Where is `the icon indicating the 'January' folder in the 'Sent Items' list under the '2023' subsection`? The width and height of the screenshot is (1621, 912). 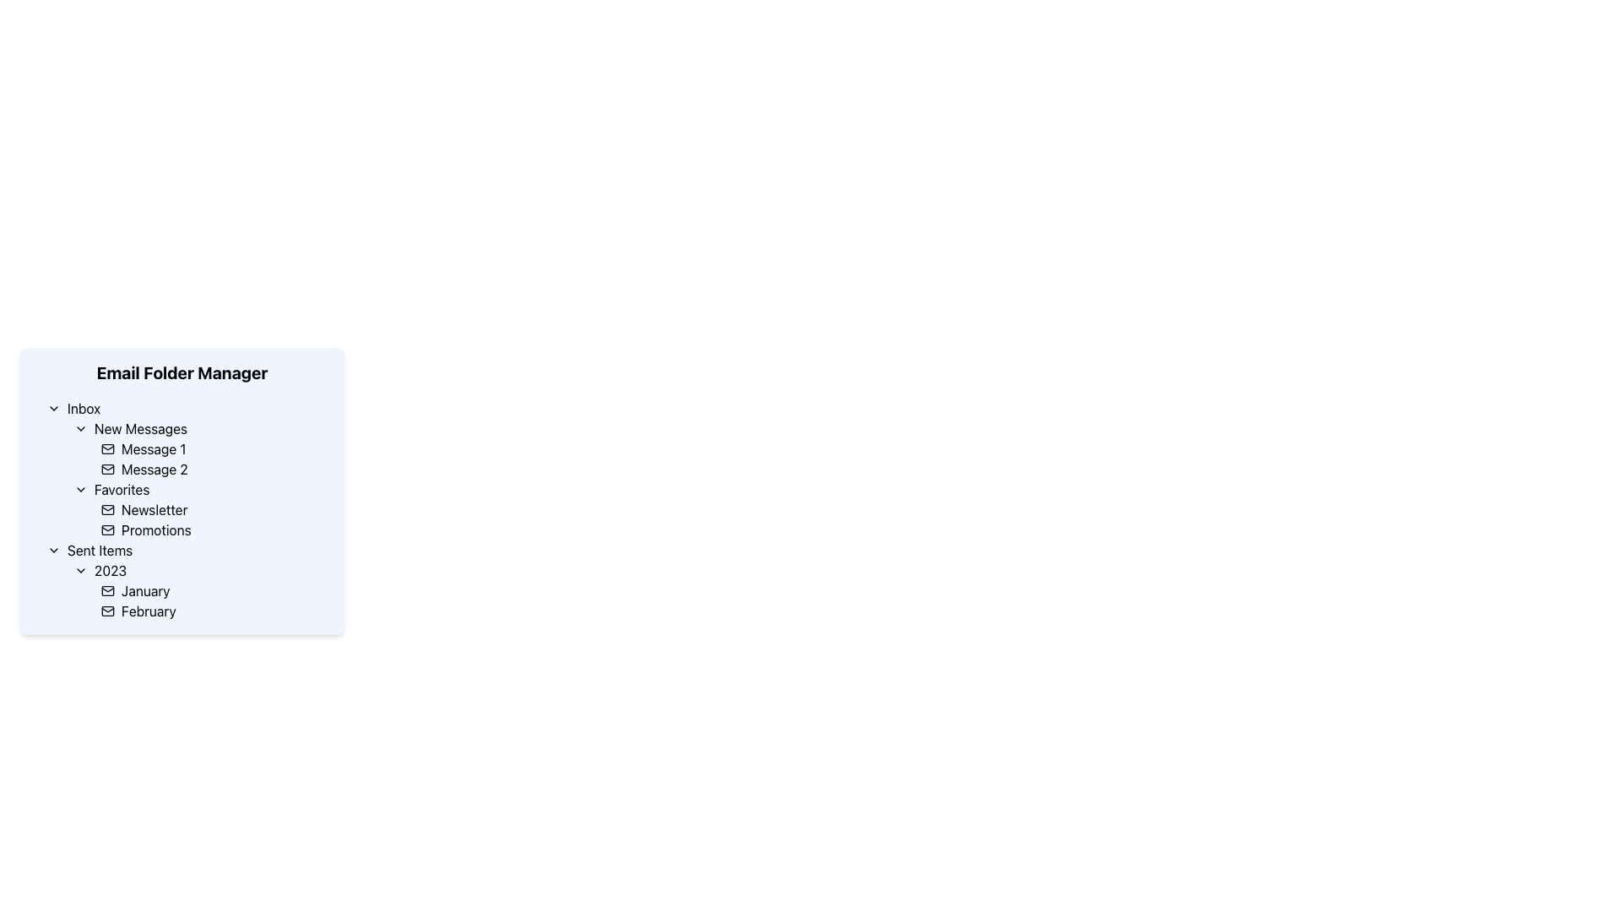 the icon indicating the 'January' folder in the 'Sent Items' list under the '2023' subsection is located at coordinates (107, 589).